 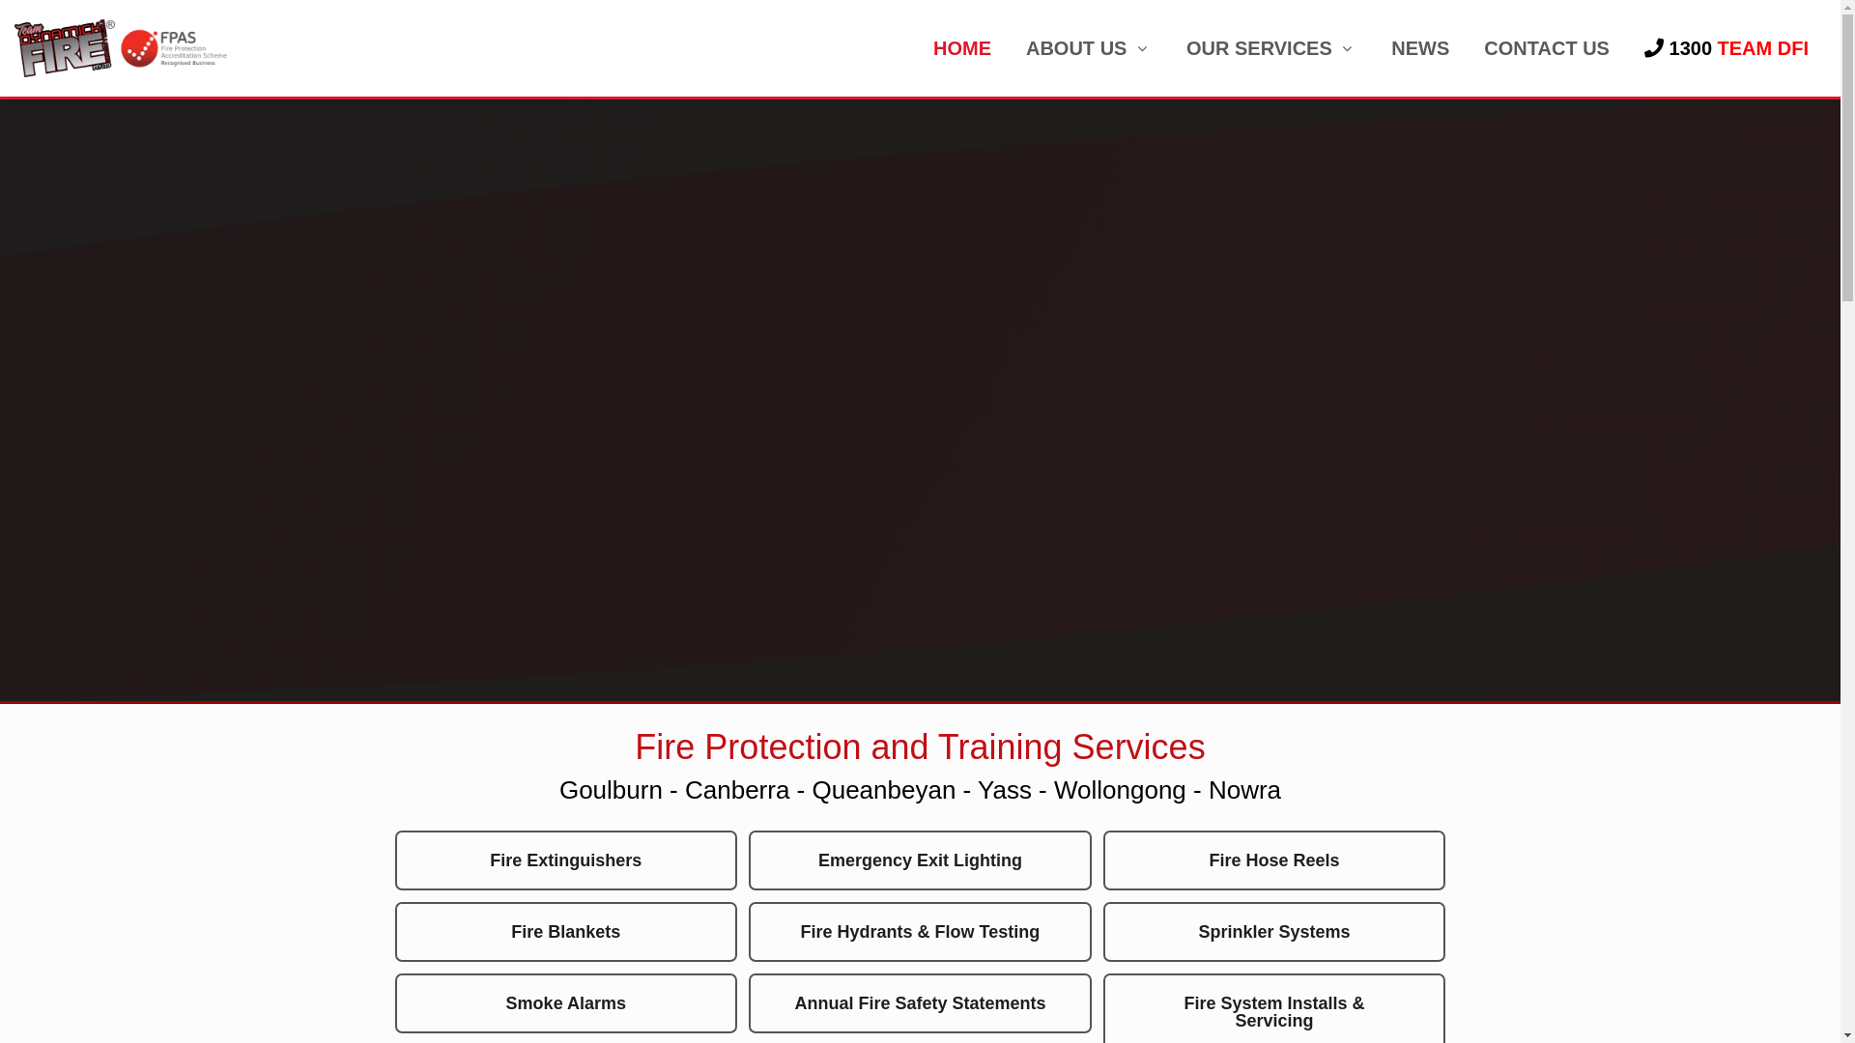 What do you see at coordinates (932, 47) in the screenshot?
I see `'HOME'` at bounding box center [932, 47].